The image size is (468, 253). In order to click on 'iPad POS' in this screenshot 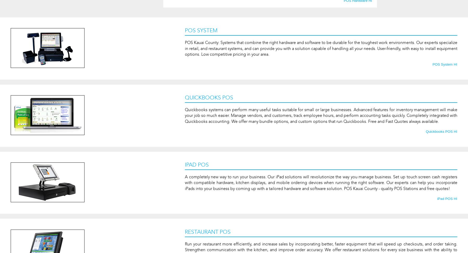, I will do `click(197, 165)`.